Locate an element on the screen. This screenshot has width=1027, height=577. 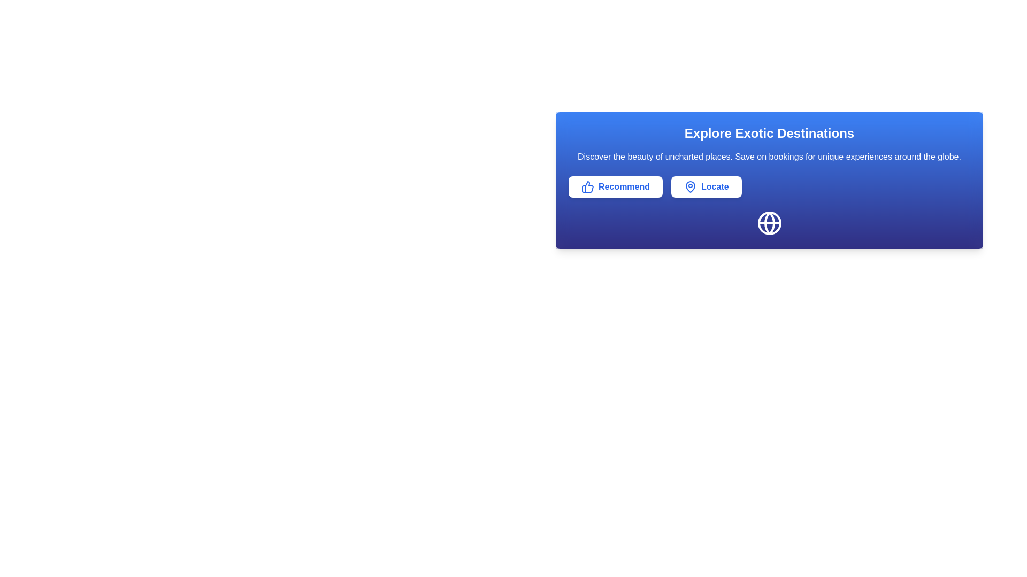
the central circle of the animated globe graphic in the SVG format, located below the 'Locate' button is located at coordinates (769, 222).